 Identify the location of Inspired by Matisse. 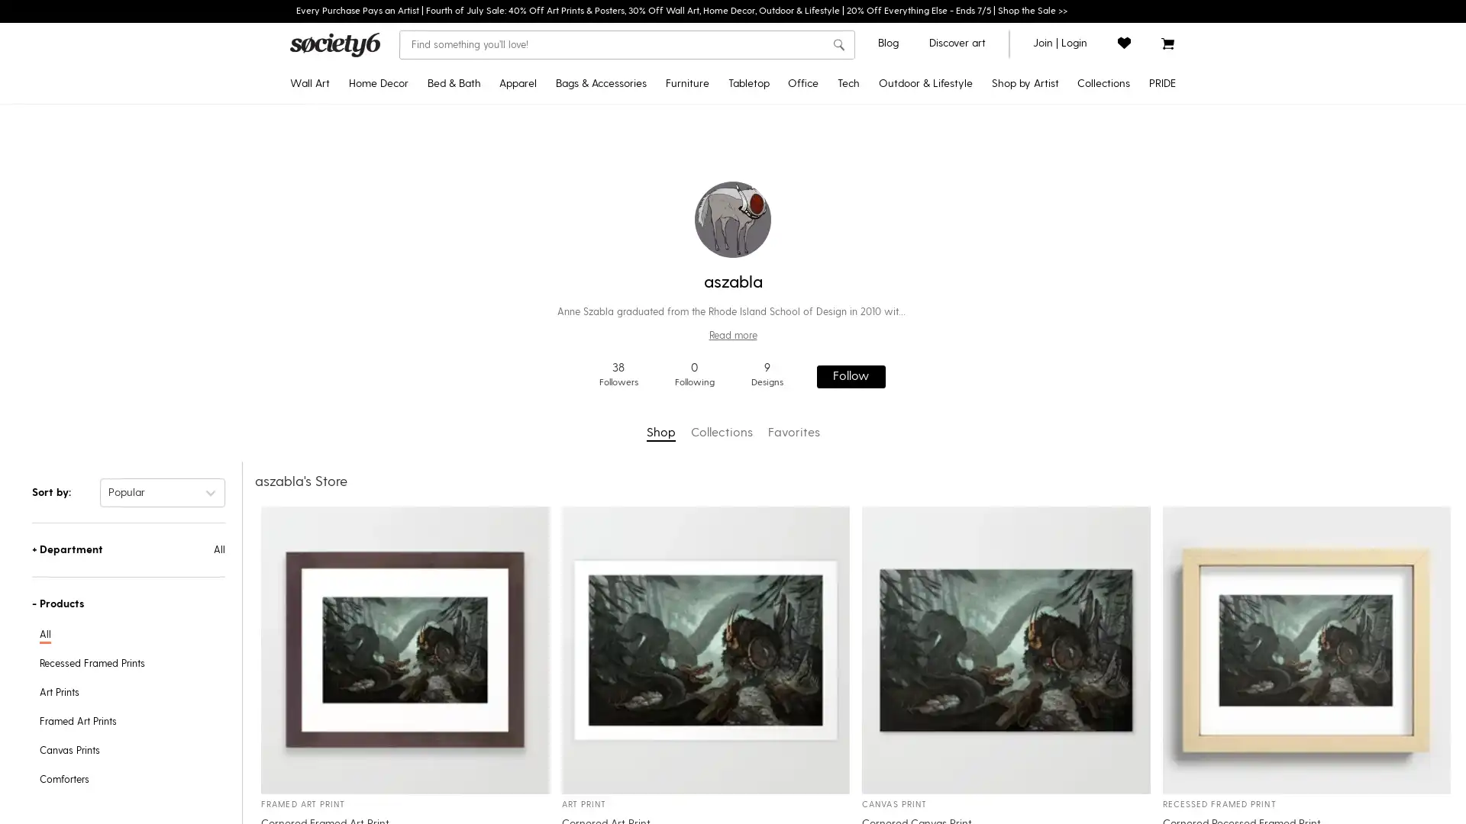
(1047, 295).